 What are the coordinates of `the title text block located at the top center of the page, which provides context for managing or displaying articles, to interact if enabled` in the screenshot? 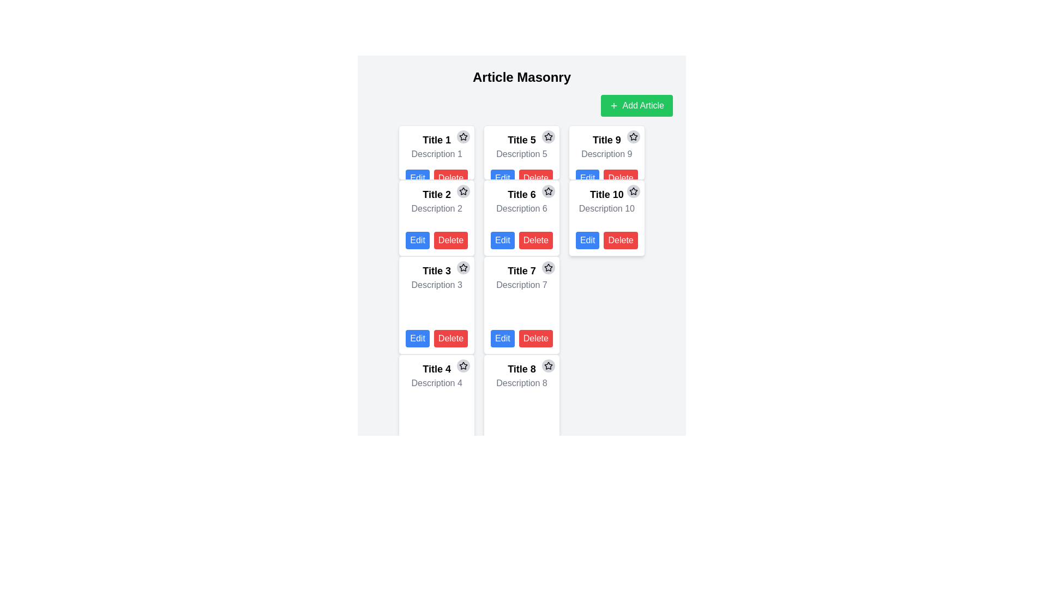 It's located at (521, 81).